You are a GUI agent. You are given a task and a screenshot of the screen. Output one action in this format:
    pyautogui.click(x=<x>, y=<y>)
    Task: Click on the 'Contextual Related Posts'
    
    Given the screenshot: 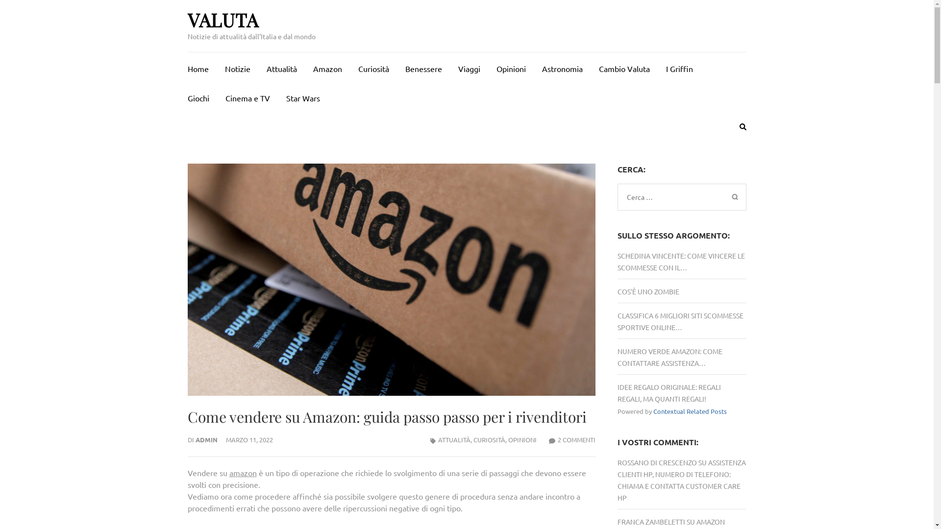 What is the action you would take?
    pyautogui.click(x=653, y=411)
    